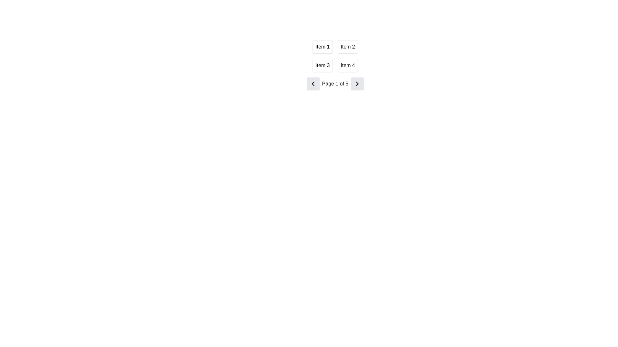 The image size is (618, 347). I want to click on the left-pointing chevron arrow icon embedded within the button located in the pagination area, so click(313, 84).